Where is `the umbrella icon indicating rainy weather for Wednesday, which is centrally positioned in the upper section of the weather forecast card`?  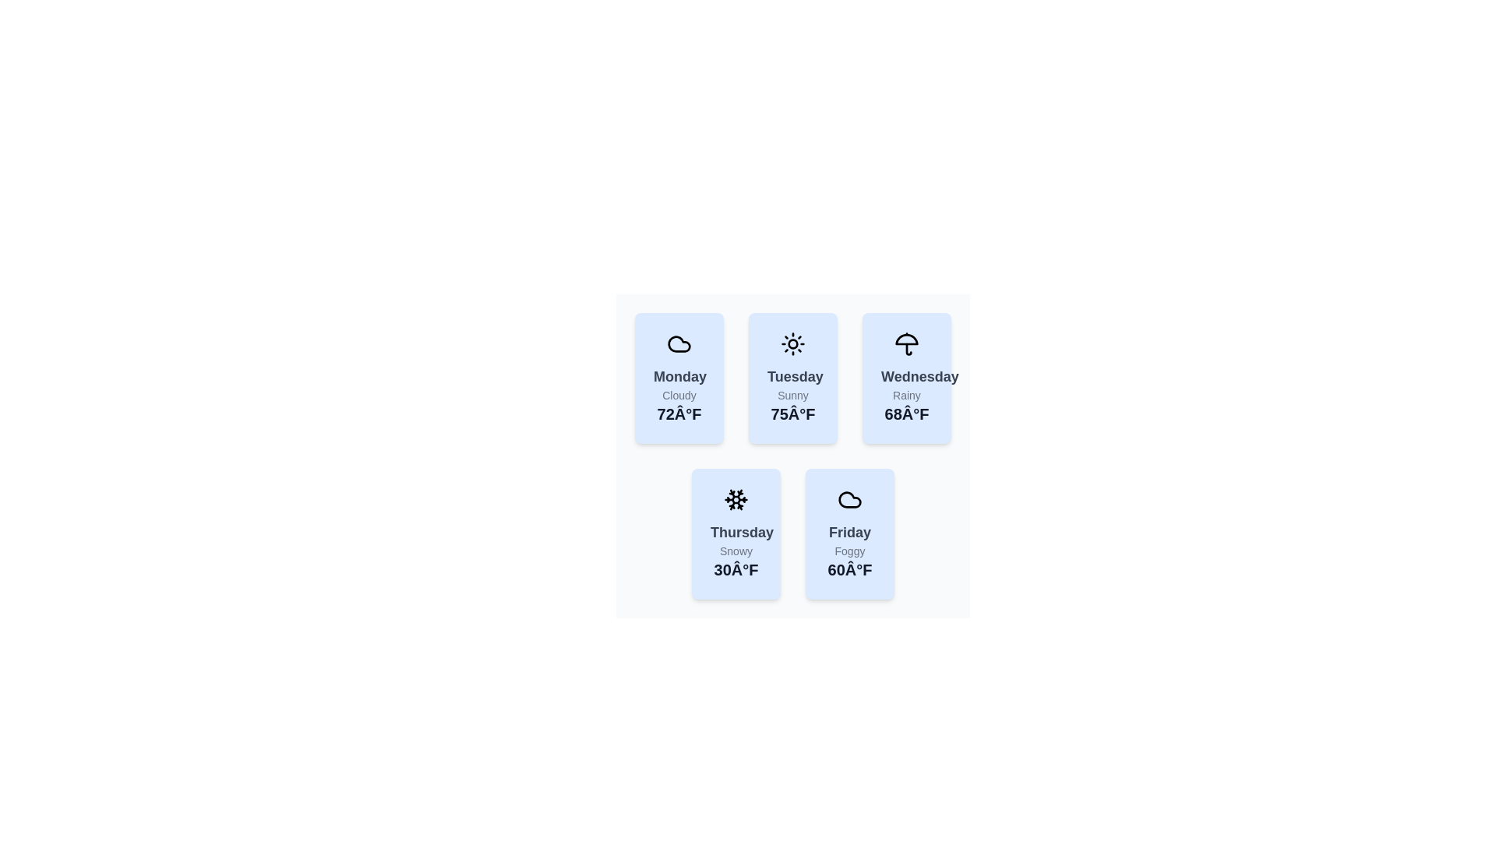
the umbrella icon indicating rainy weather for Wednesday, which is centrally positioned in the upper section of the weather forecast card is located at coordinates (906, 343).